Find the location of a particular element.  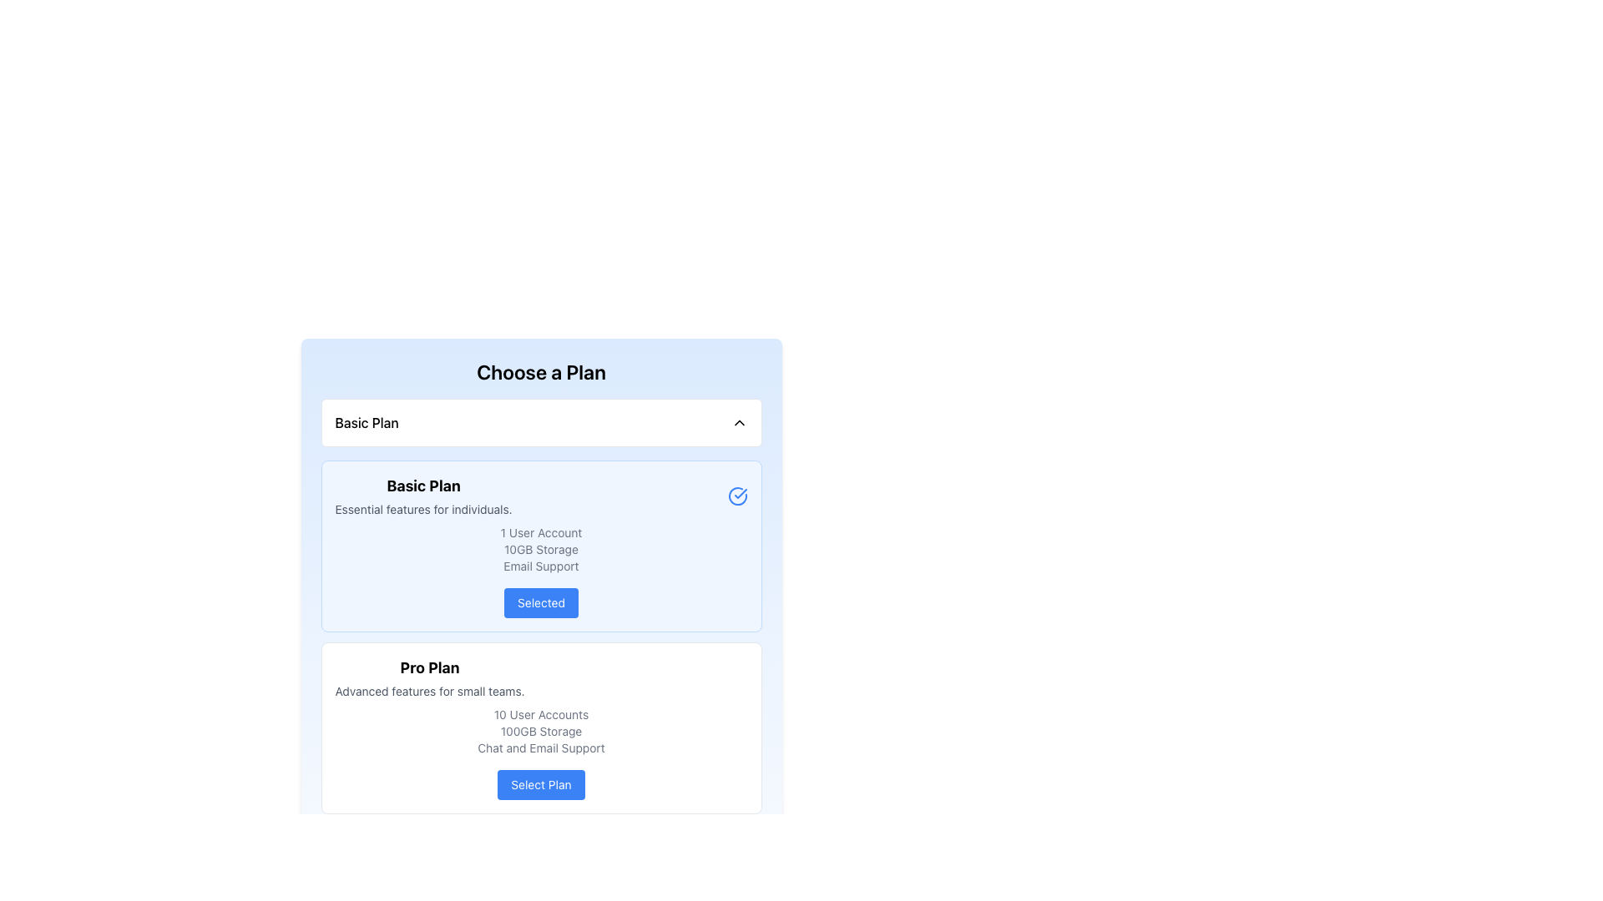

the third content block displaying key features of the 'Pro Plan' subscription option, located below 'Advanced features for small teams' and above the 'Select Plan' button is located at coordinates (541, 730).